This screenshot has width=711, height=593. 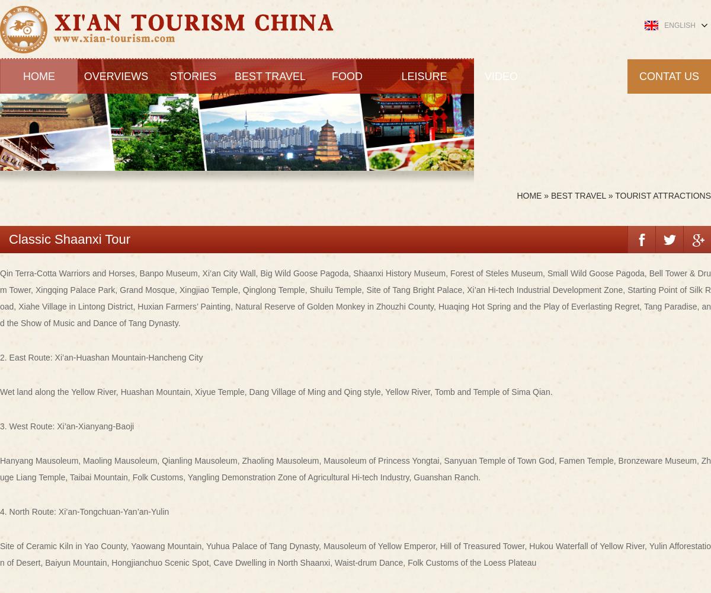 I want to click on 'Home', so click(x=516, y=195).